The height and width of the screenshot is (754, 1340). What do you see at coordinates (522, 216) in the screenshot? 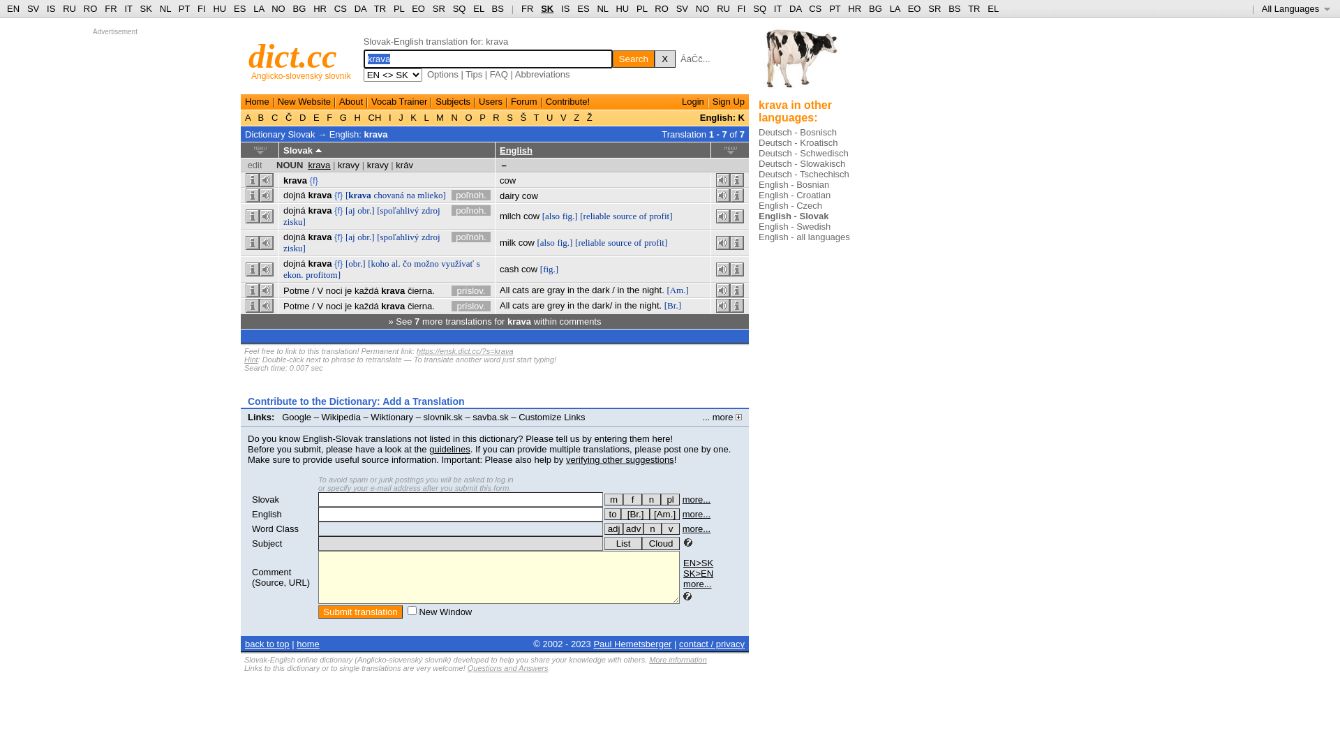
I see `'cow'` at bounding box center [522, 216].